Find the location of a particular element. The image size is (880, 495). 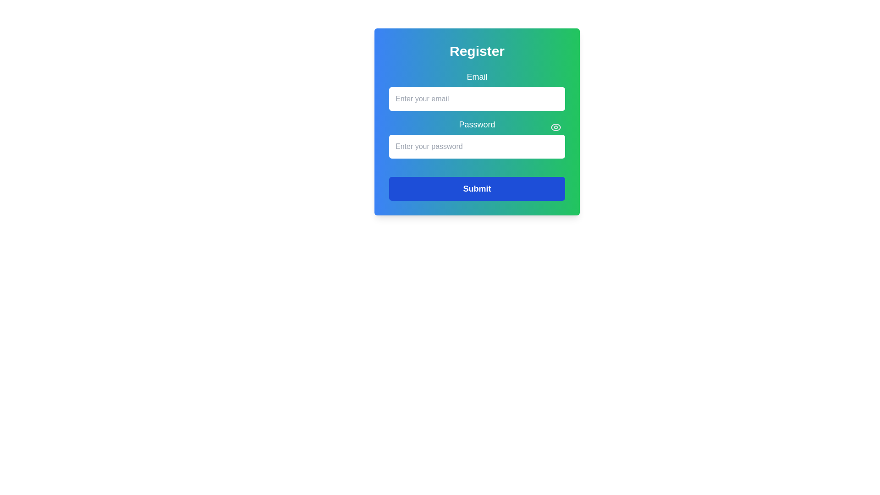

the label that provides context for the email input field, located below the 'Register' heading is located at coordinates (477, 77).